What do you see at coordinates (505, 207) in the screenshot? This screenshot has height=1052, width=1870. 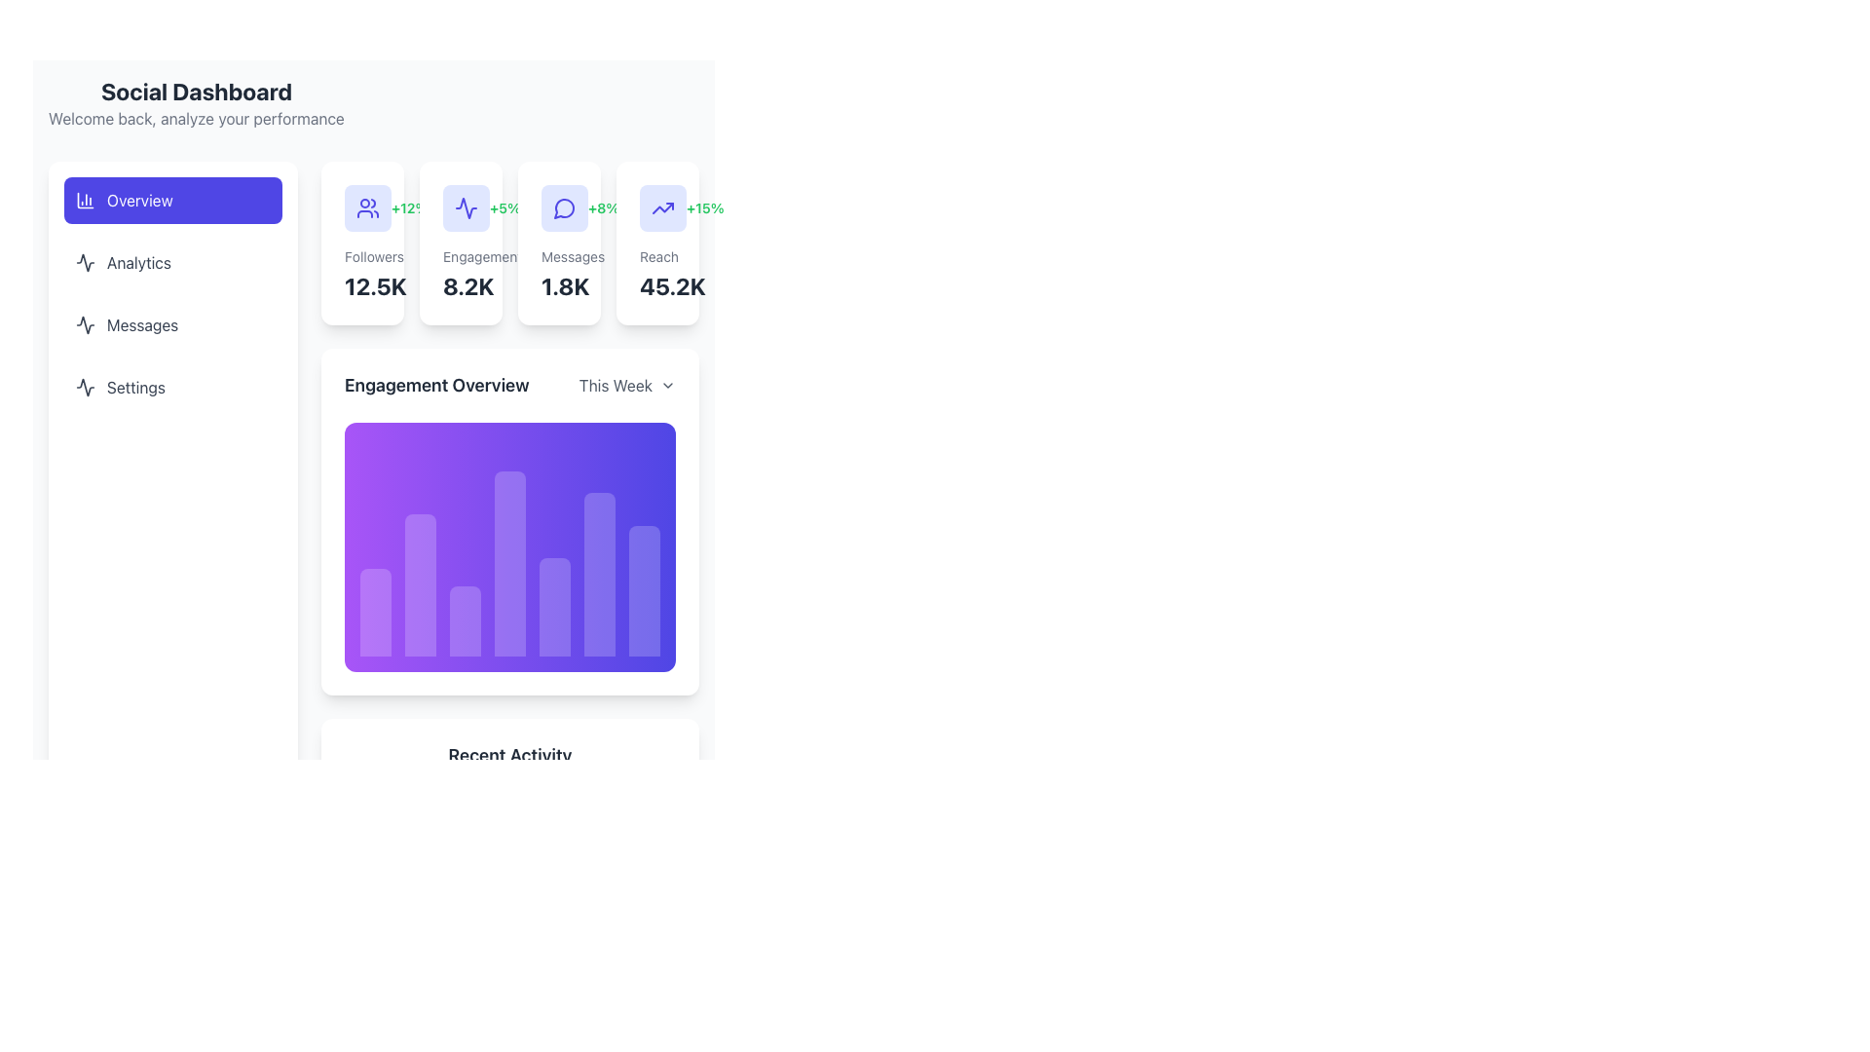 I see `the Statistical Display Text indicating a percentage change of '+5%', which is styled in green color and located in the second card of the dashboard interface` at bounding box center [505, 207].